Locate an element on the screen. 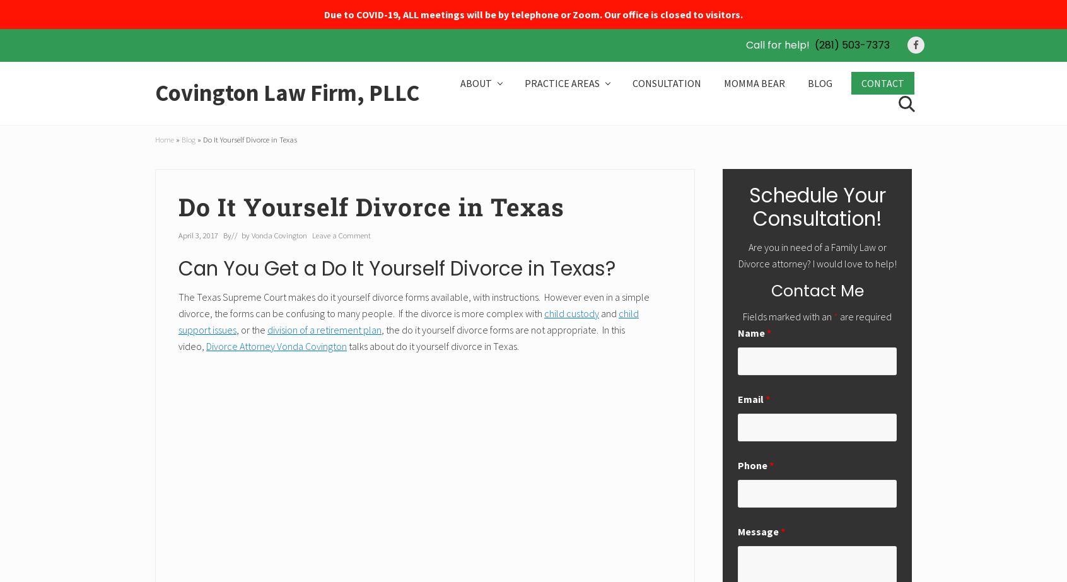 This screenshot has height=582, width=1067. 'CONTACT' is located at coordinates (882, 83).